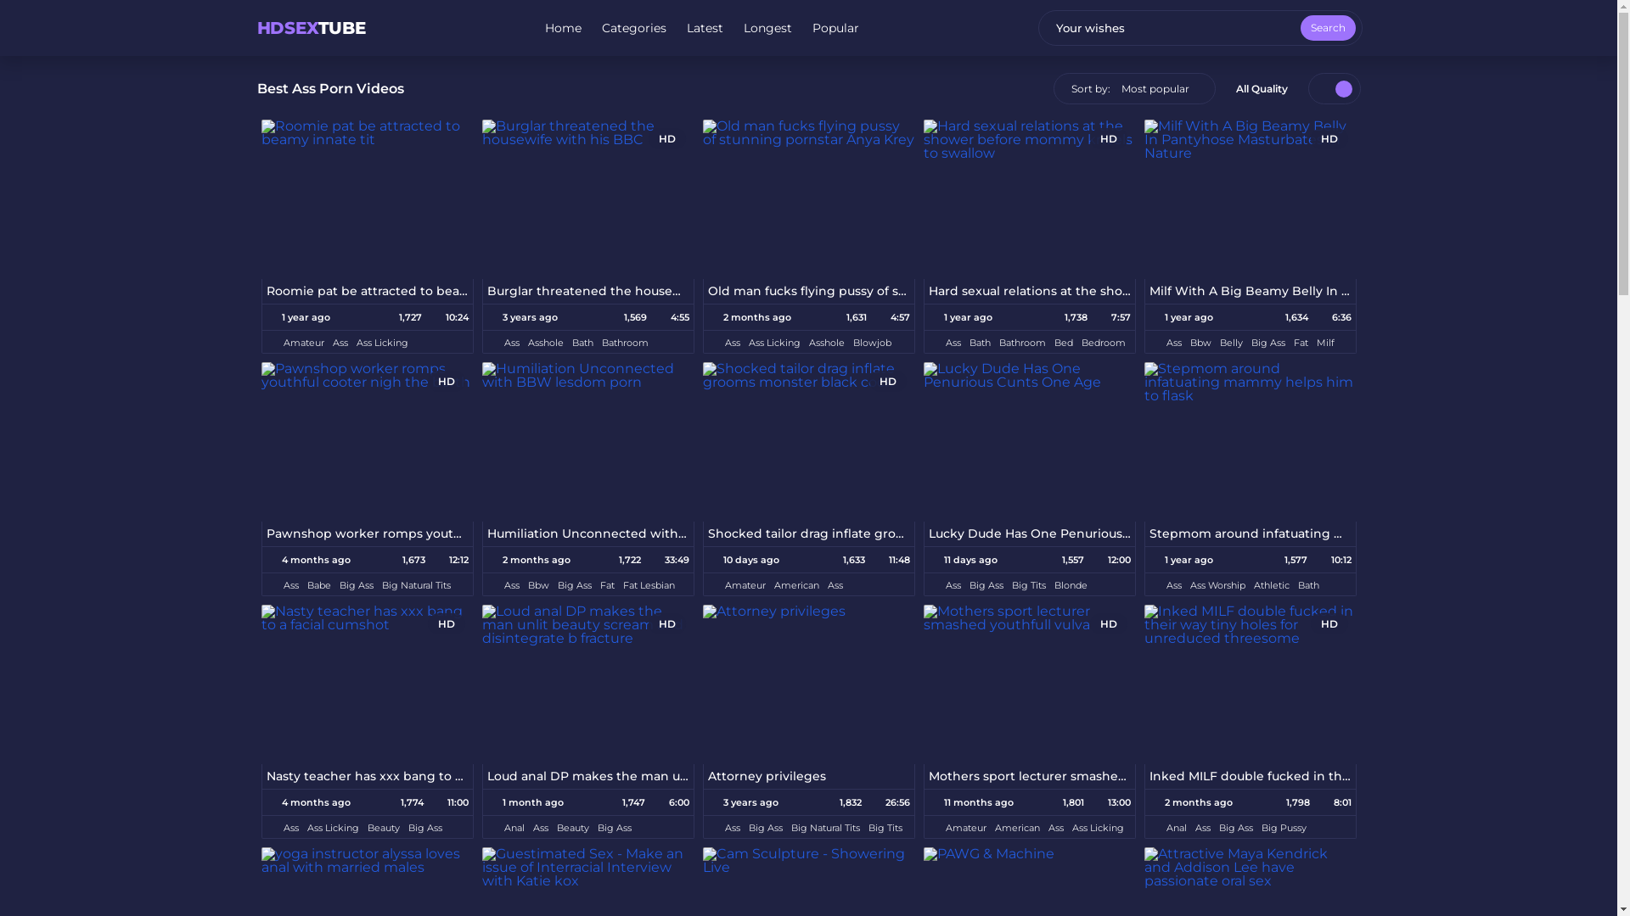  What do you see at coordinates (310, 28) in the screenshot?
I see `'HDSEXTUBE'` at bounding box center [310, 28].